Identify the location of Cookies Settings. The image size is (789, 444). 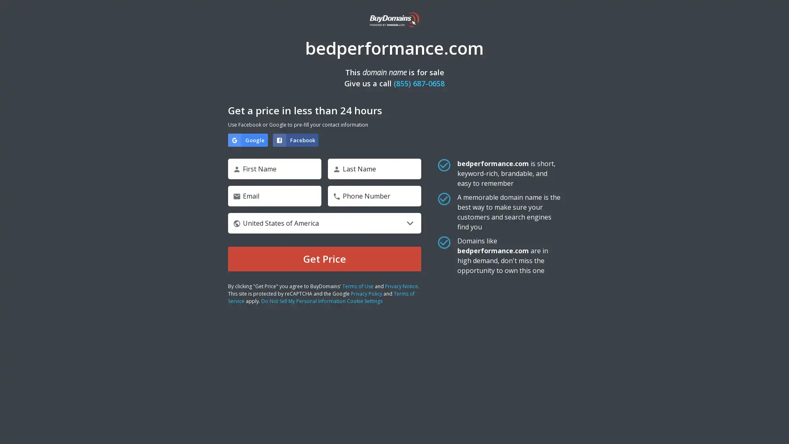
(83, 412).